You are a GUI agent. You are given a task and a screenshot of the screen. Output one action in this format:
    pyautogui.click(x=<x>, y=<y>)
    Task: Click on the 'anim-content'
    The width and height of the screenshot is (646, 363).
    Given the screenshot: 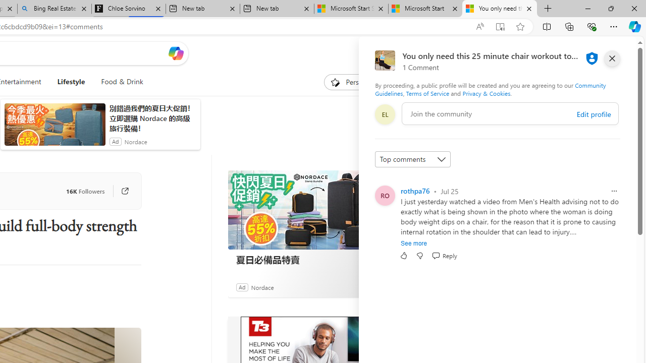 What is the action you would take?
    pyautogui.click(x=54, y=128)
    